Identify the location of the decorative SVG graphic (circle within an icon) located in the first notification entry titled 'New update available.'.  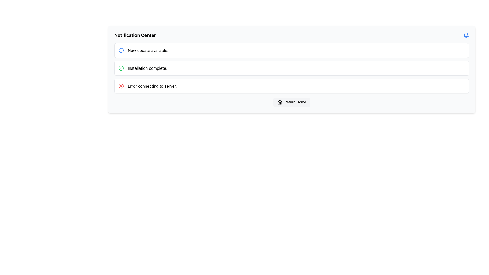
(121, 50).